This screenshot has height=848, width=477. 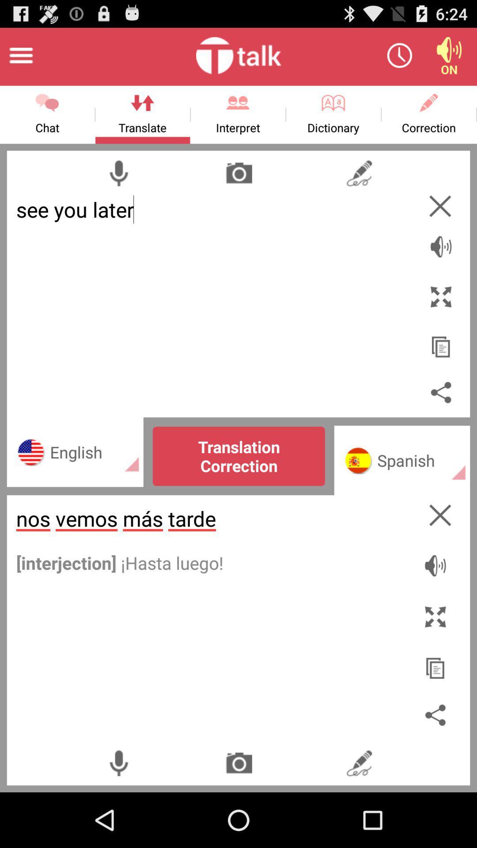 What do you see at coordinates (436, 661) in the screenshot?
I see `the fullscreen icon` at bounding box center [436, 661].